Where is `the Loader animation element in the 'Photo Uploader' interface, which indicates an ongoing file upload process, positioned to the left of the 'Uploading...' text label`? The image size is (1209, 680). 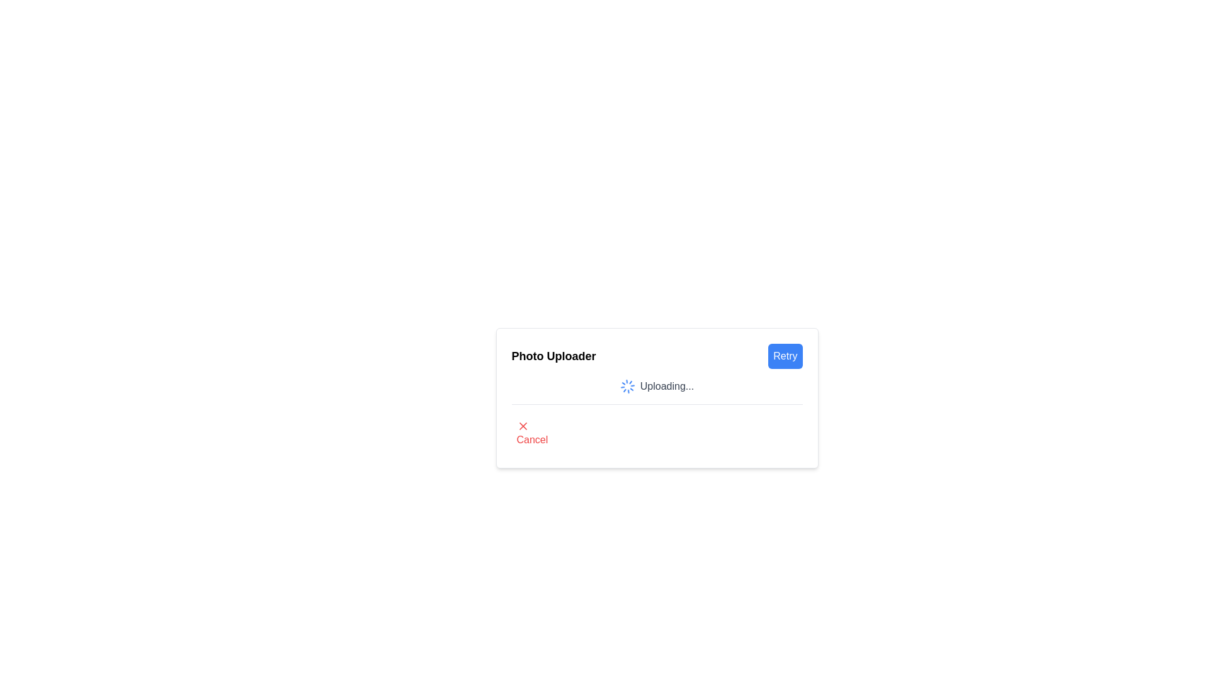 the Loader animation element in the 'Photo Uploader' interface, which indicates an ongoing file upload process, positioned to the left of the 'Uploading...' text label is located at coordinates (627, 385).